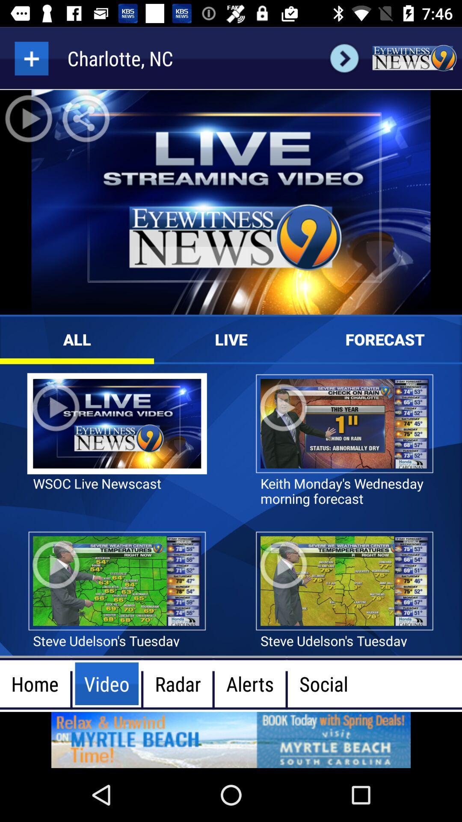 The width and height of the screenshot is (462, 822). What do you see at coordinates (414, 58) in the screenshot?
I see `news` at bounding box center [414, 58].